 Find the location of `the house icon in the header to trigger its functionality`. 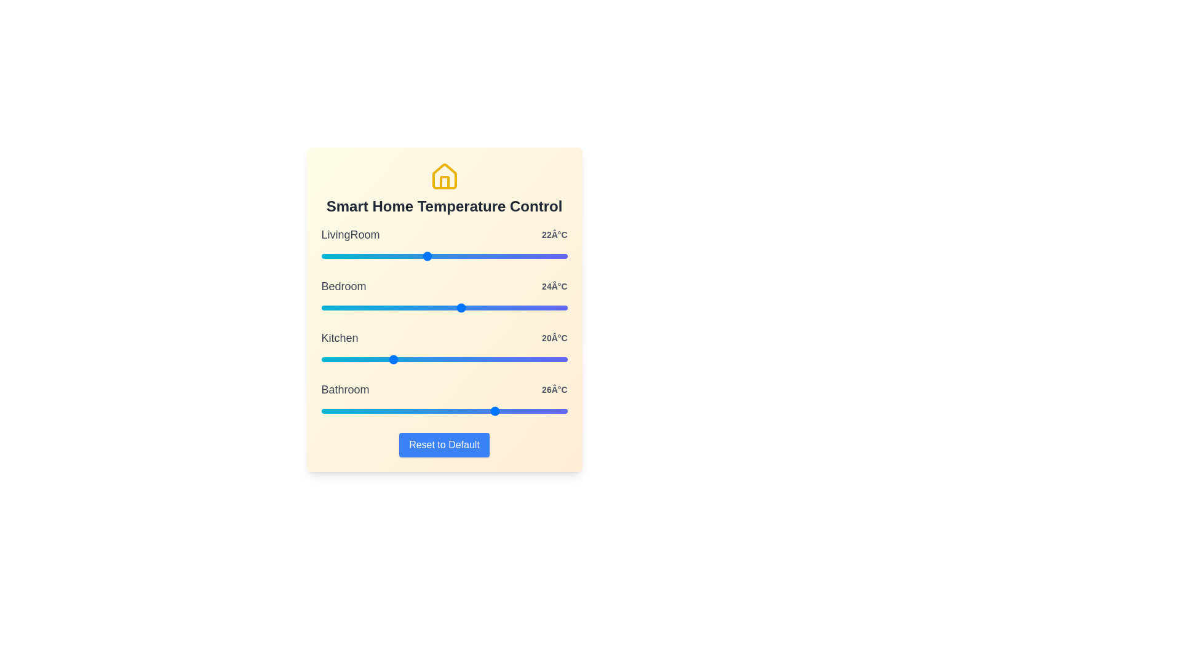

the house icon in the header to trigger its functionality is located at coordinates (443, 177).